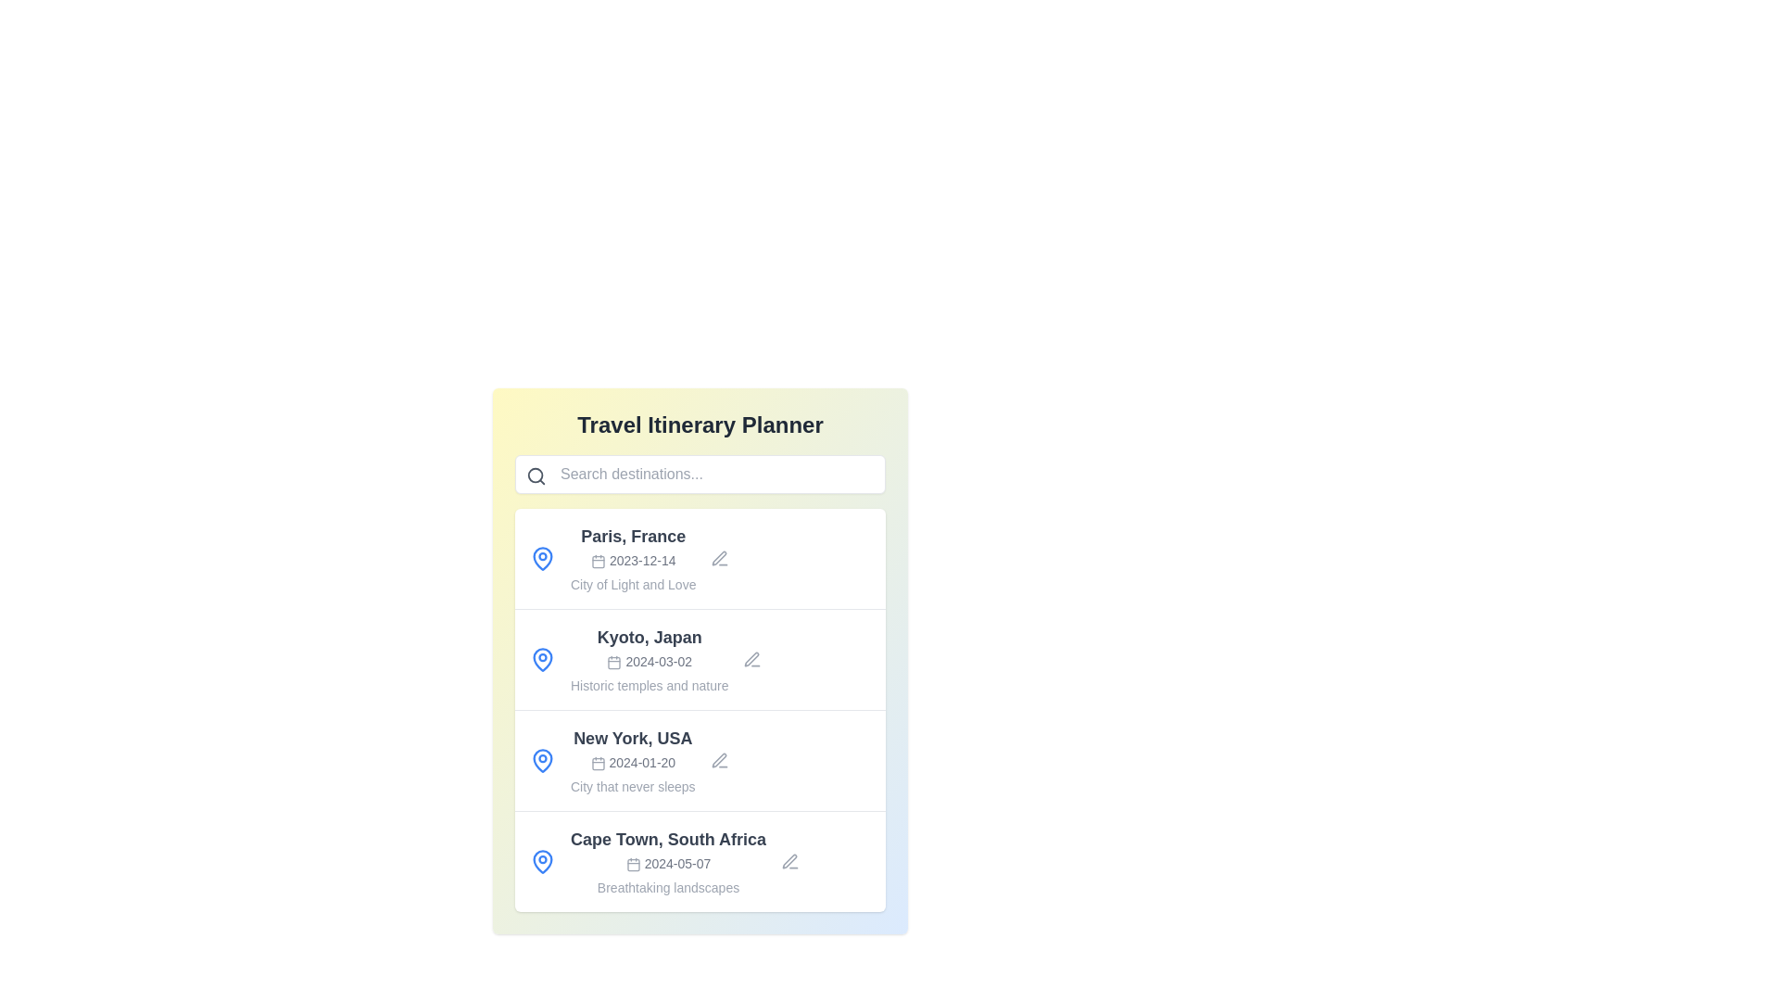 This screenshot has width=1779, height=1001. Describe the element at coordinates (536, 475) in the screenshot. I see `the magnifying glass icon located in the top left corner of the interface` at that location.